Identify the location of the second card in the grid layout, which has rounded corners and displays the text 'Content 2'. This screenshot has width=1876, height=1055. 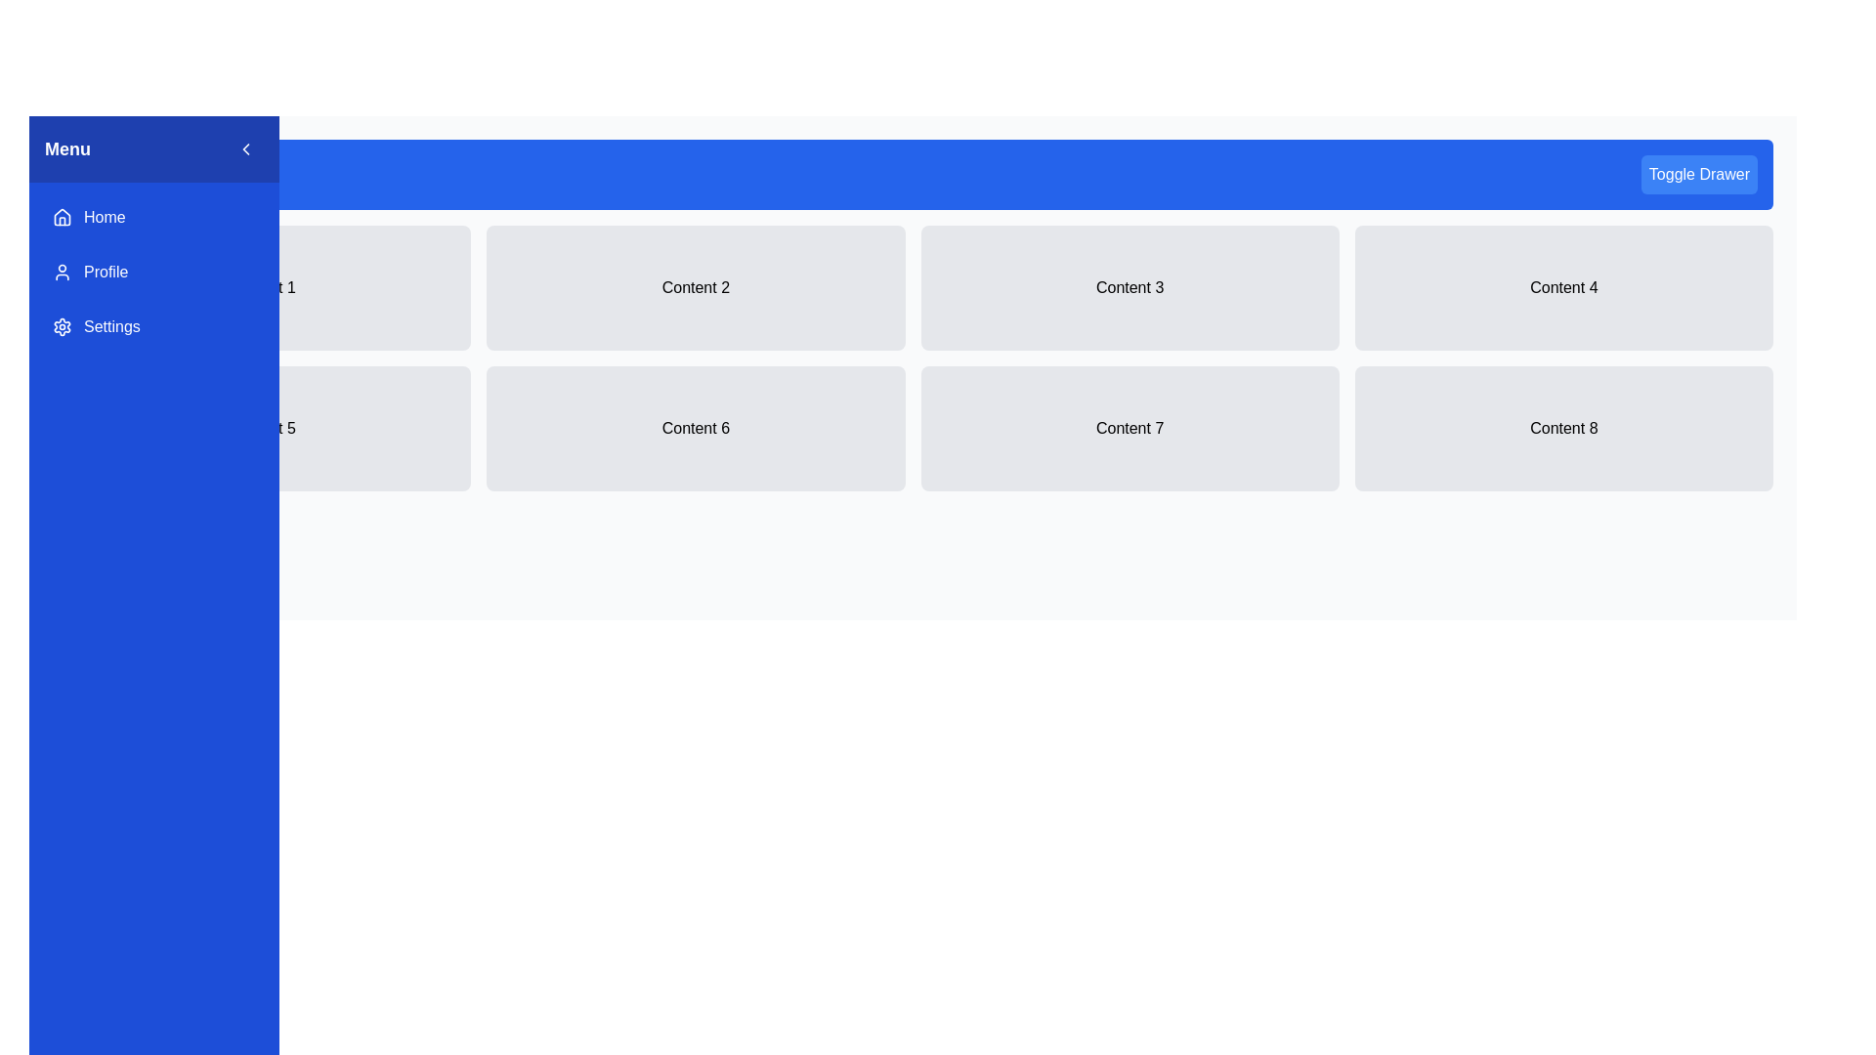
(696, 287).